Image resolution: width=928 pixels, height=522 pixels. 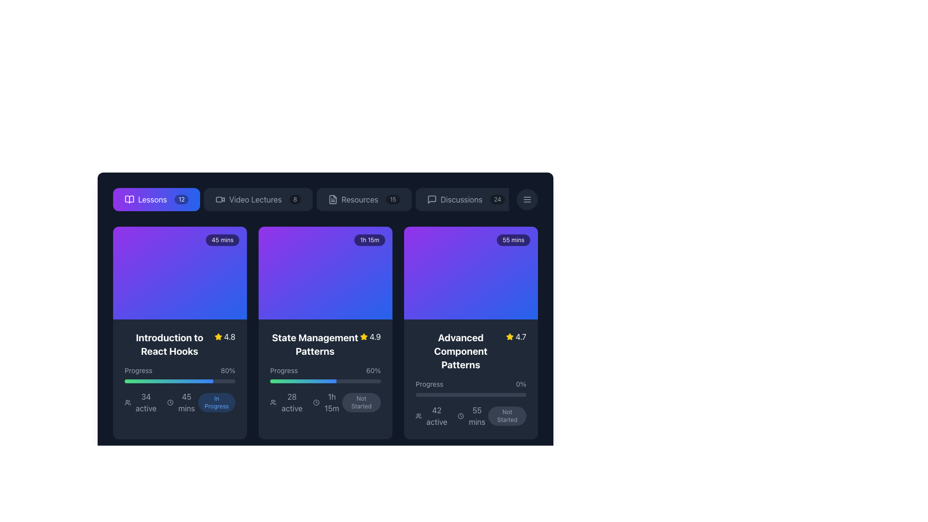 What do you see at coordinates (471, 395) in the screenshot?
I see `the horizontal progress bar with a gray background and a gradient inner bar, located below the text 'Progress' and '0%' in the card titled 'Advanced Component Patterns'` at bounding box center [471, 395].